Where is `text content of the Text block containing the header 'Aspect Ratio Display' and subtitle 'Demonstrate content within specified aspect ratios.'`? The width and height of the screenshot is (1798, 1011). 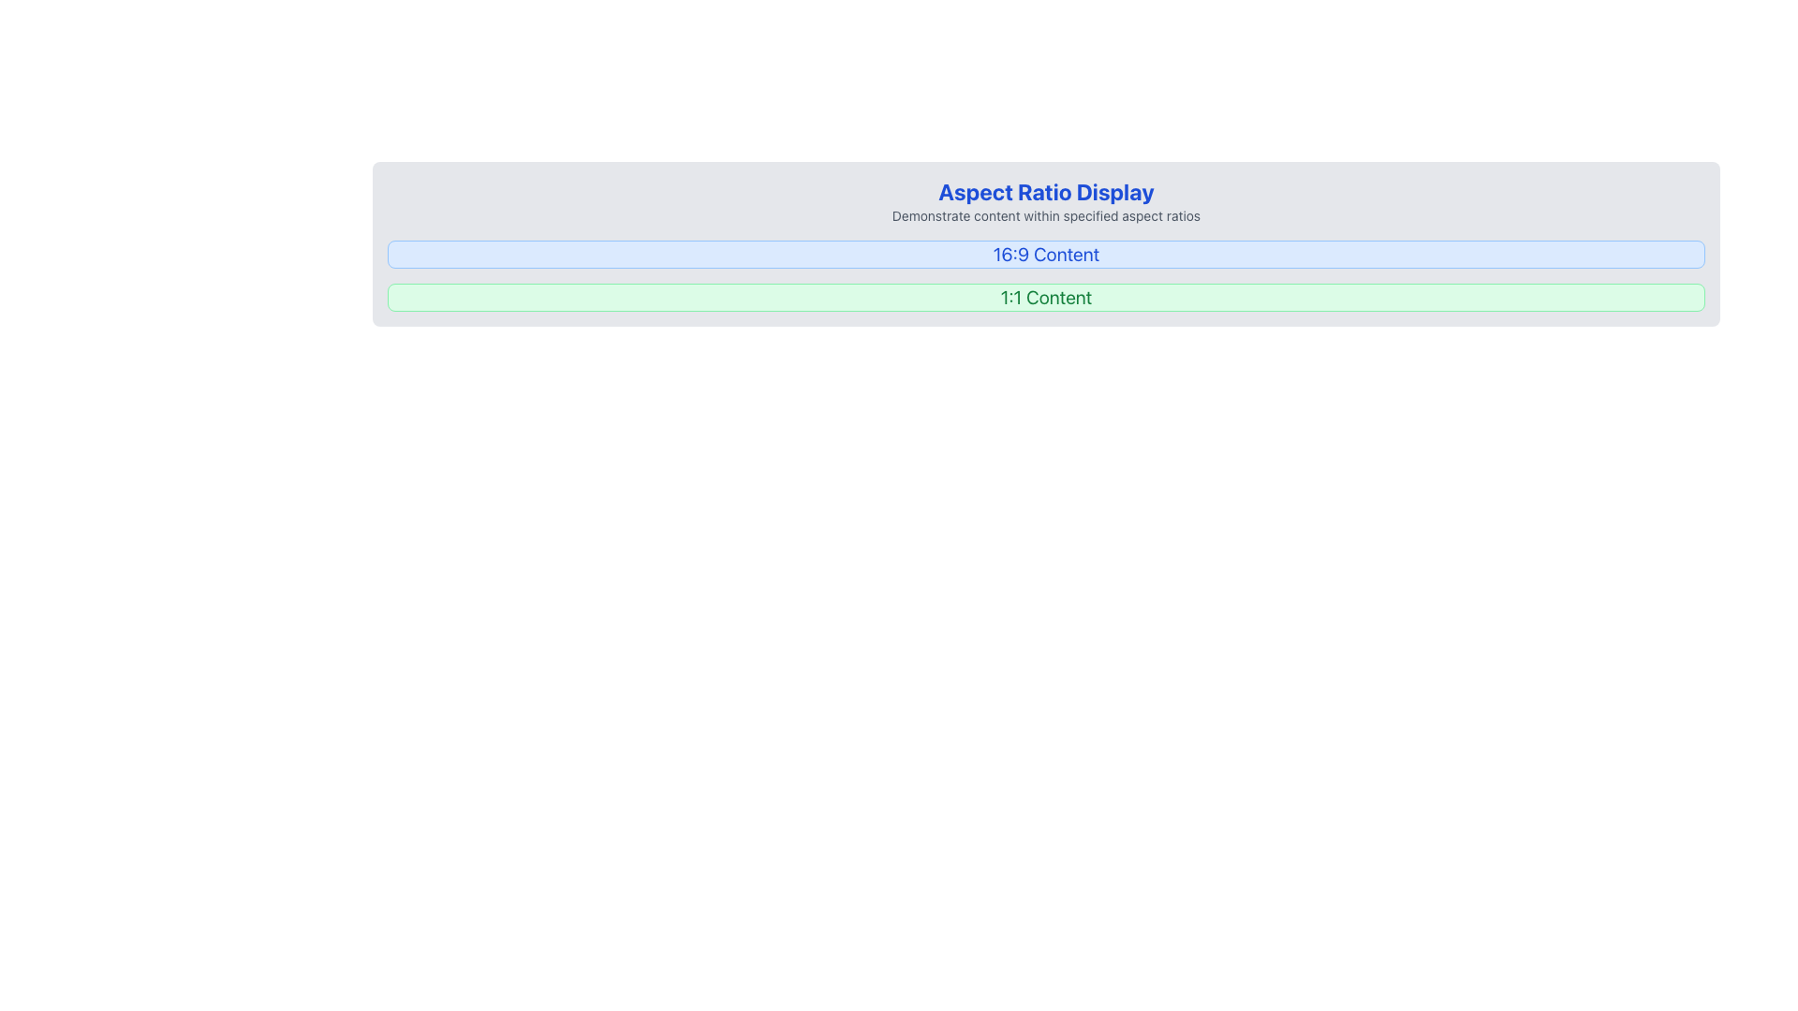
text content of the Text block containing the header 'Aspect Ratio Display' and subtitle 'Demonstrate content within specified aspect ratios.' is located at coordinates (1045, 201).